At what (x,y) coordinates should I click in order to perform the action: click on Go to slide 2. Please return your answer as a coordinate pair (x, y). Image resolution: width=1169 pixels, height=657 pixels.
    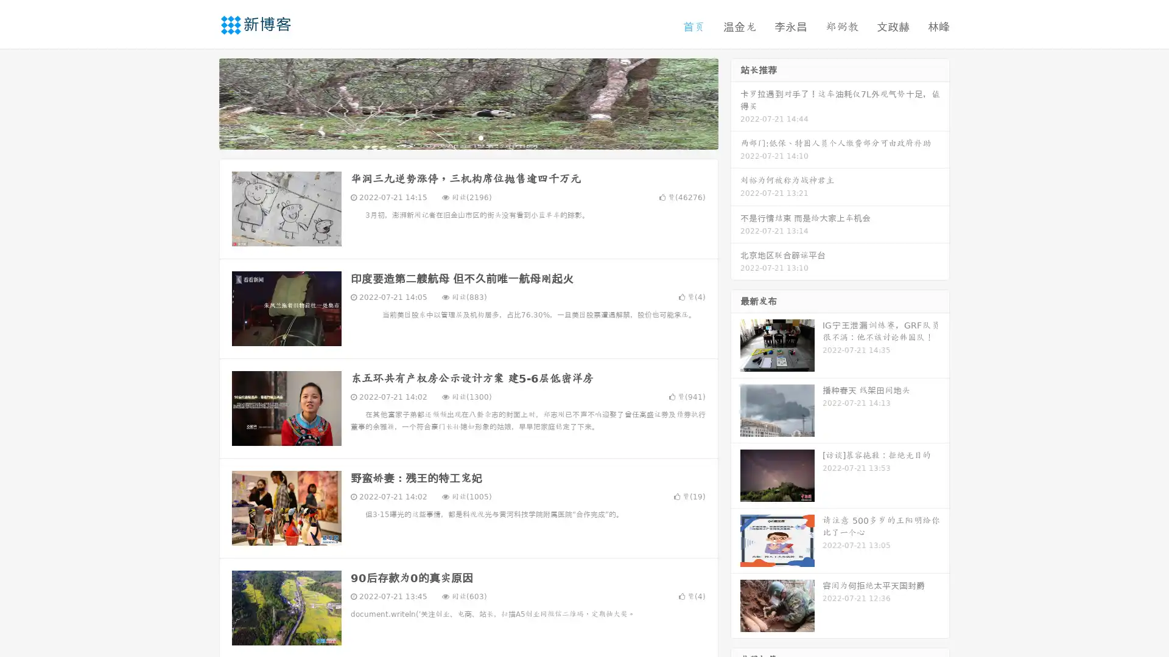
    Looking at the image, I should click on (468, 137).